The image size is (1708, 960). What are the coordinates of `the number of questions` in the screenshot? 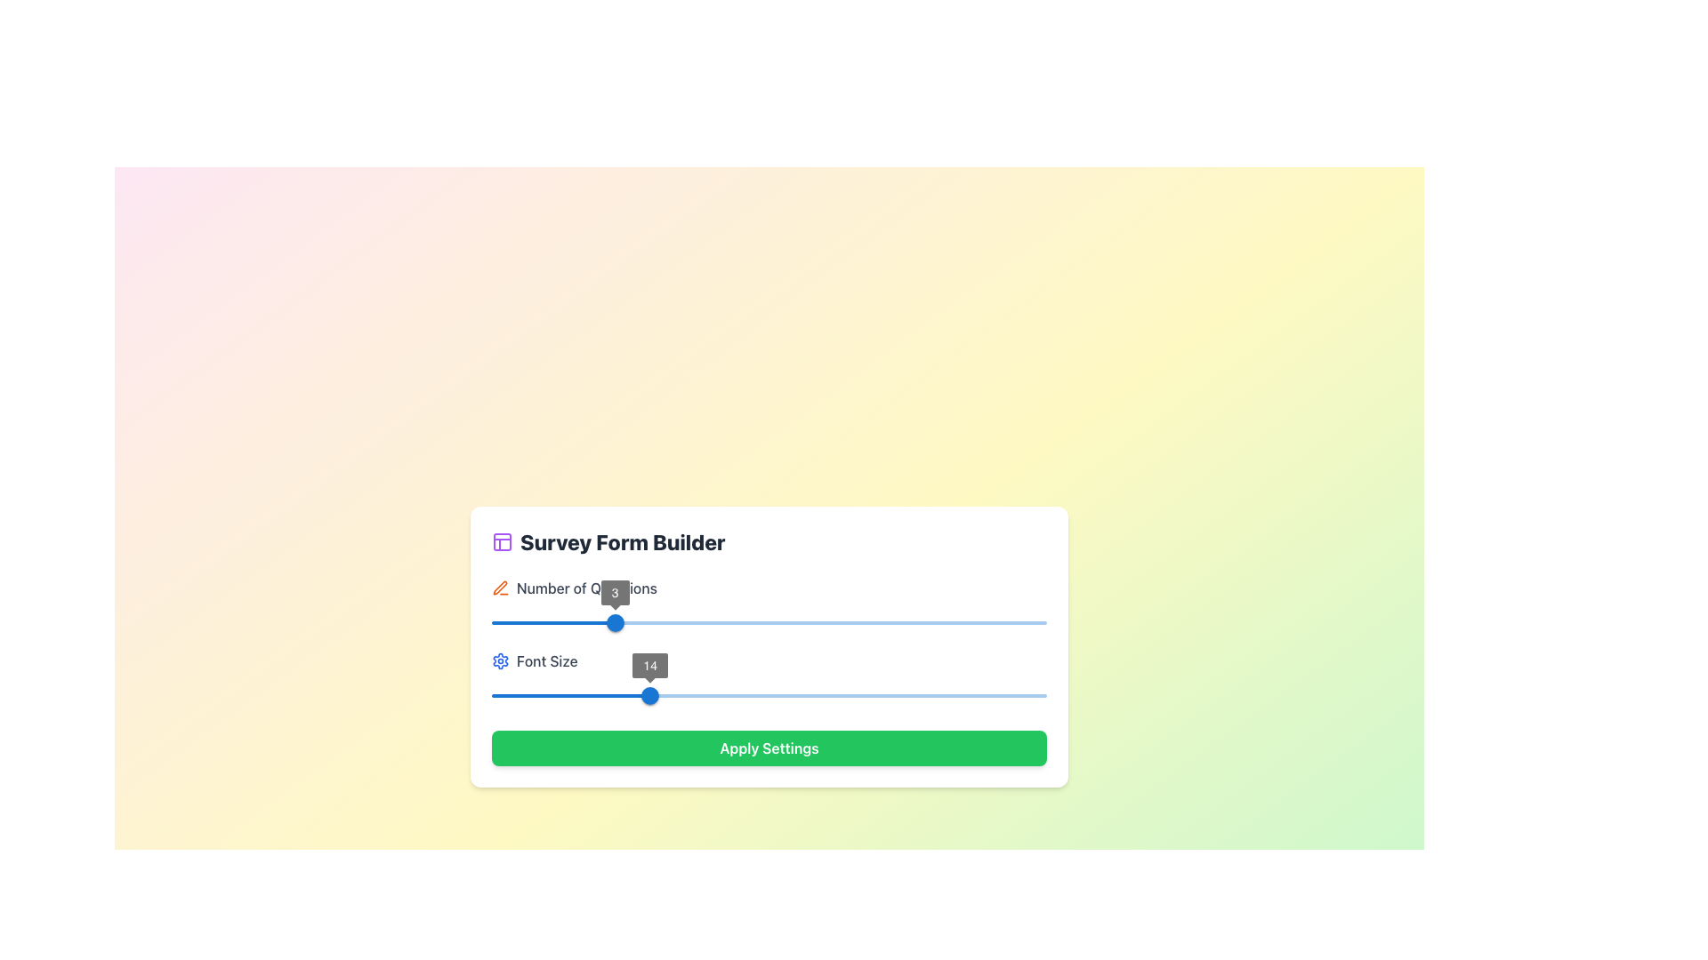 It's located at (632, 622).